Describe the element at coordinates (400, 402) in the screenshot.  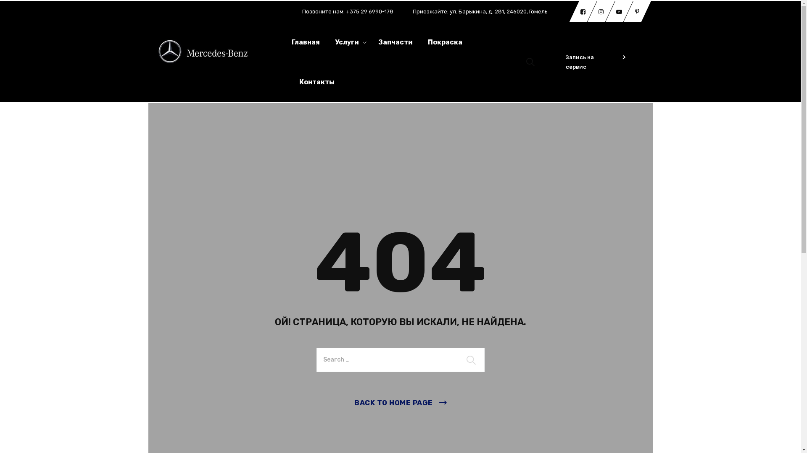
I see `'BACK TO HOME PAGE'` at that location.